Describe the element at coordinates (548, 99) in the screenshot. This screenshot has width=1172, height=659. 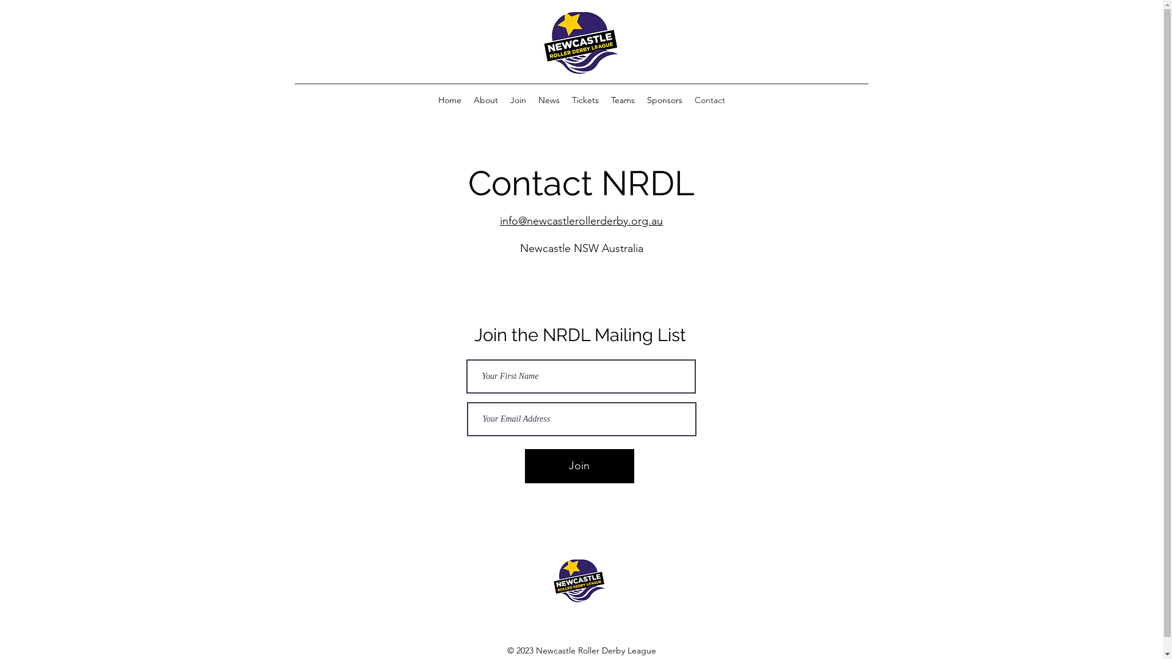
I see `'News'` at that location.